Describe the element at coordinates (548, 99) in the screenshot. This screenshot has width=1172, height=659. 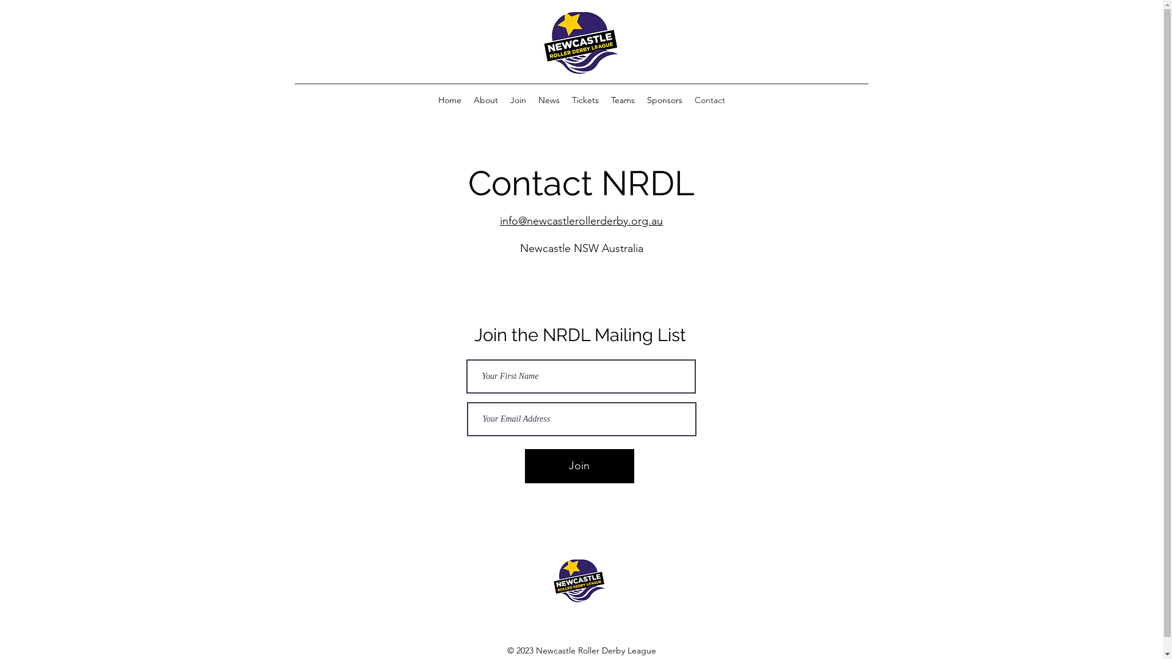
I see `'News'` at that location.